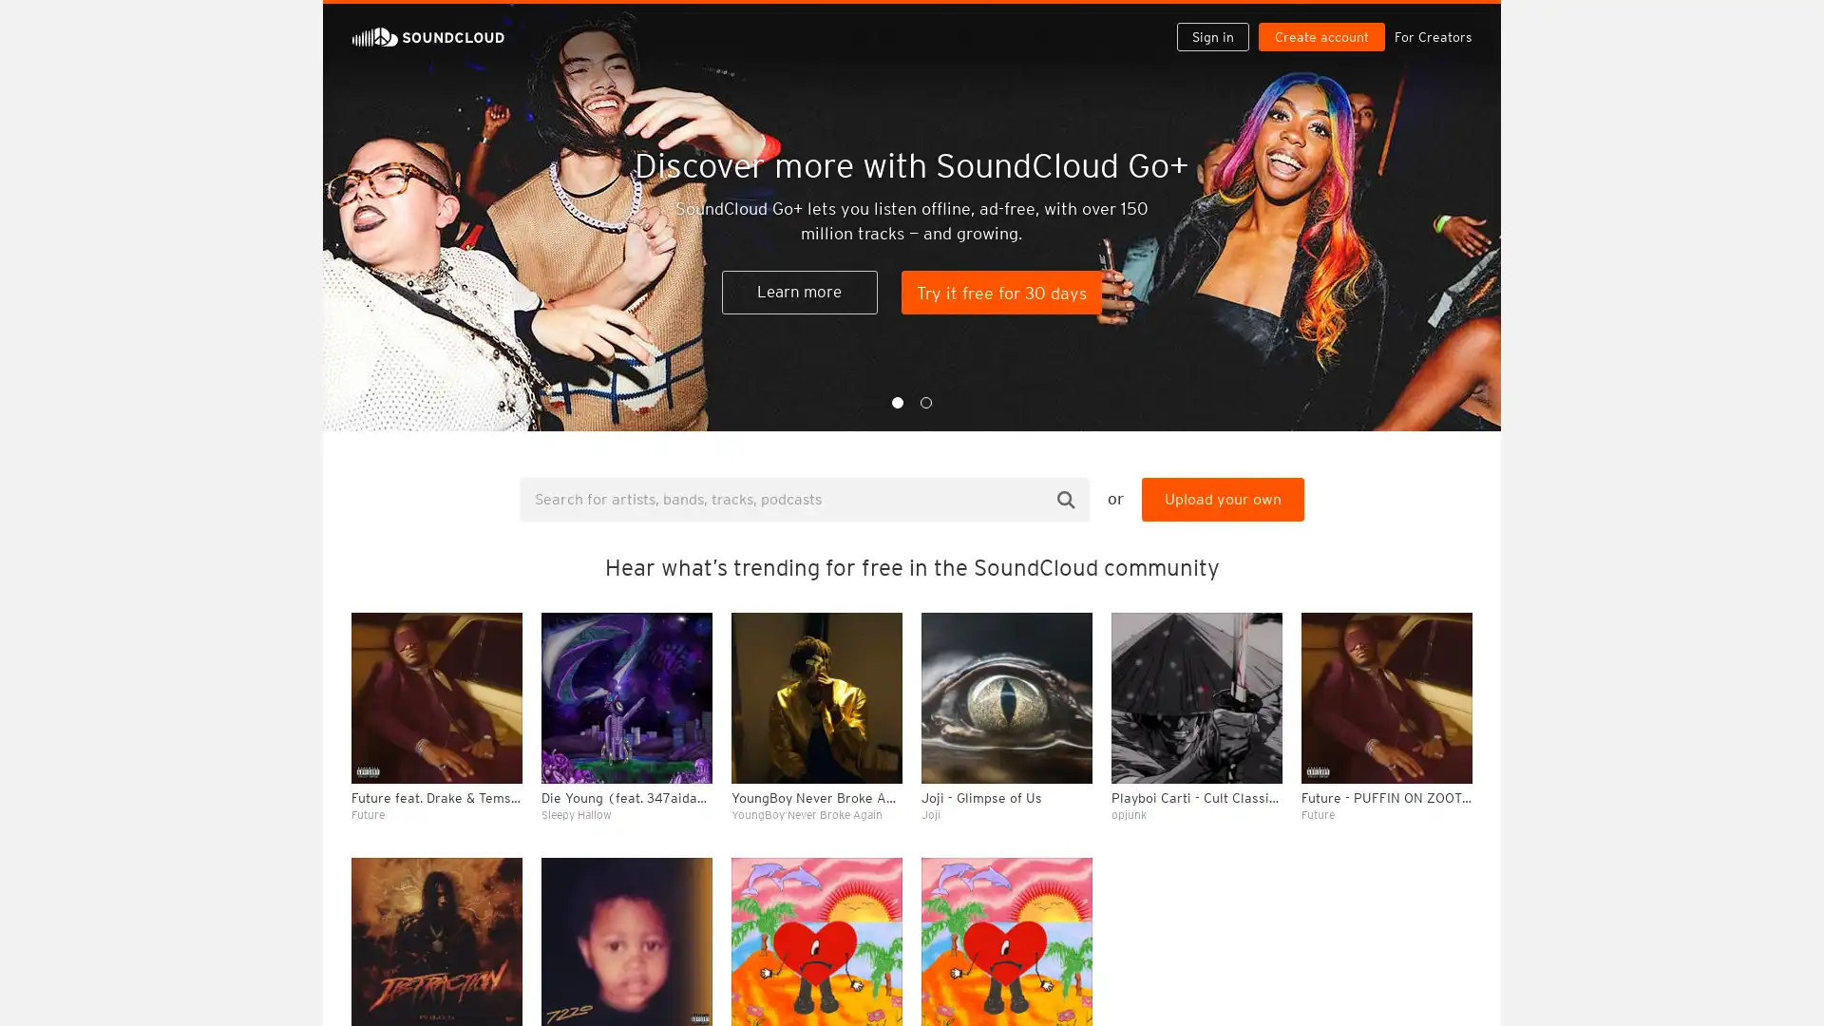 The height and width of the screenshot is (1026, 1824). I want to click on Sign in, so click(1220, 21).